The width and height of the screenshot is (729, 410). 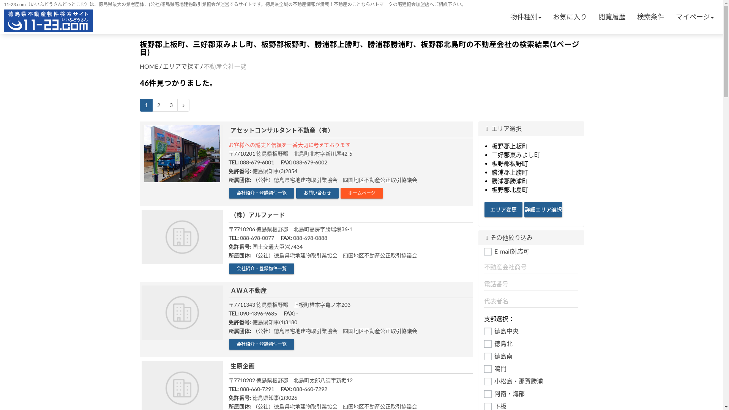 I want to click on '2', so click(x=151, y=105).